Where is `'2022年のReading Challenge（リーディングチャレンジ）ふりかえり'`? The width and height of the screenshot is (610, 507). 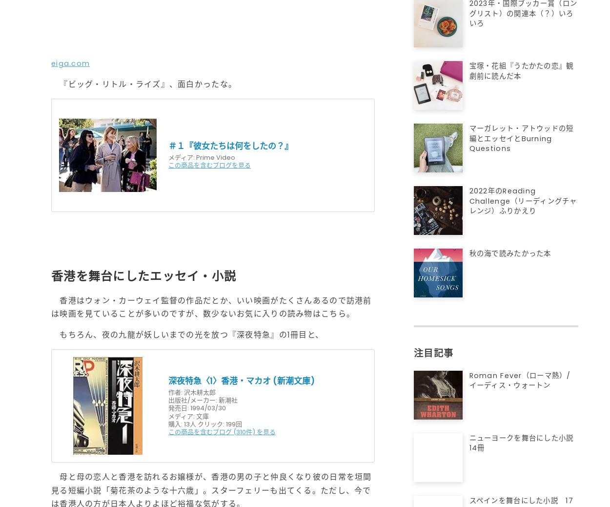
'2022年のReading Challenge（リーディングチャレンジ）ふりかえり' is located at coordinates (523, 202).